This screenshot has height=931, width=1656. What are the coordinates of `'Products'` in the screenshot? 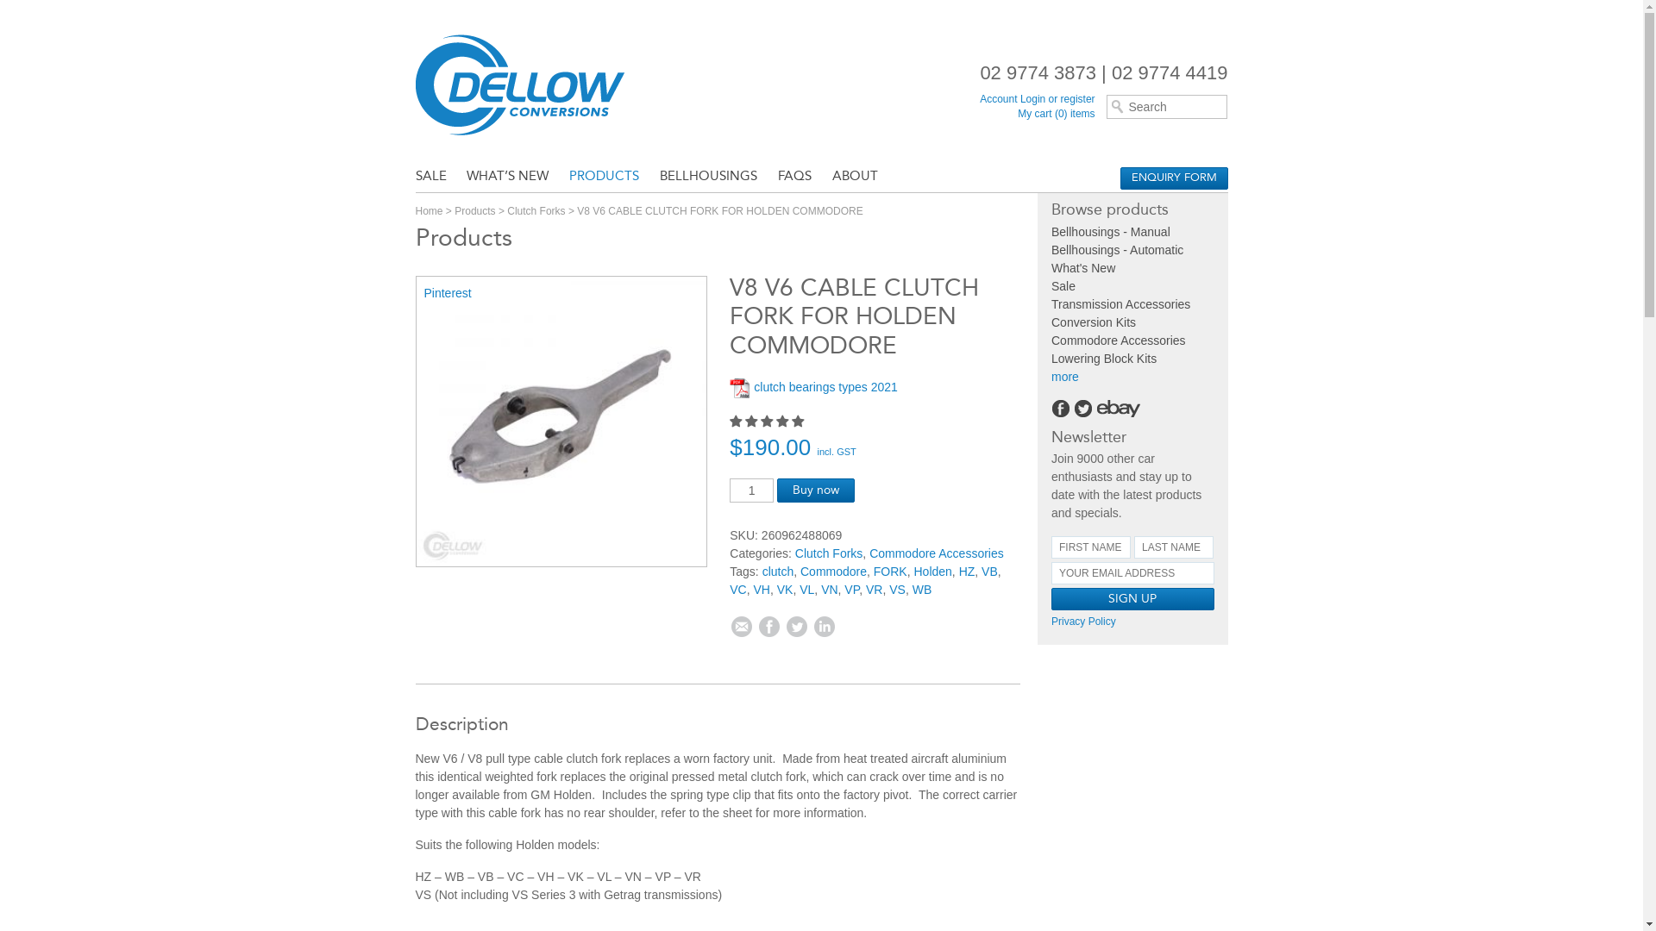 It's located at (474, 210).